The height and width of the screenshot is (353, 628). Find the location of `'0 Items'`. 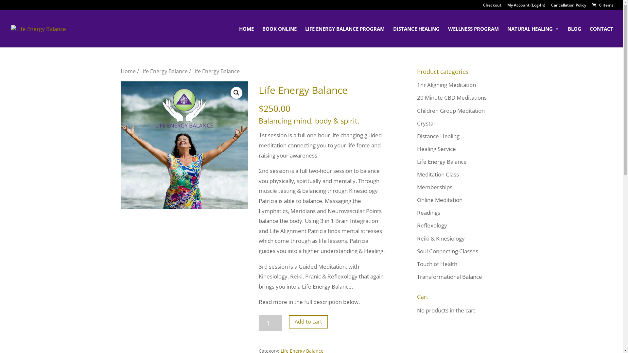

'0 Items' is located at coordinates (602, 5).